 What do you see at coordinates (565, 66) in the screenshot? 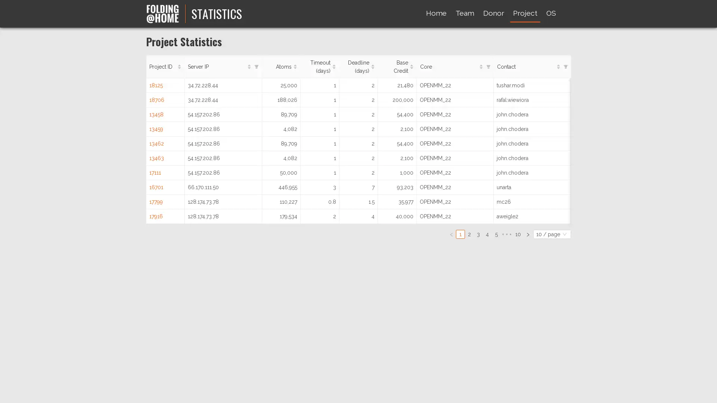
I see `filter` at bounding box center [565, 66].